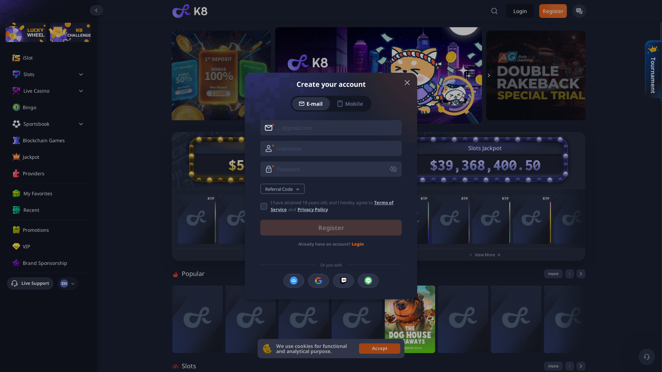 The height and width of the screenshot is (372, 662). What do you see at coordinates (311, 103) in the screenshot?
I see `'E-mail'` at bounding box center [311, 103].